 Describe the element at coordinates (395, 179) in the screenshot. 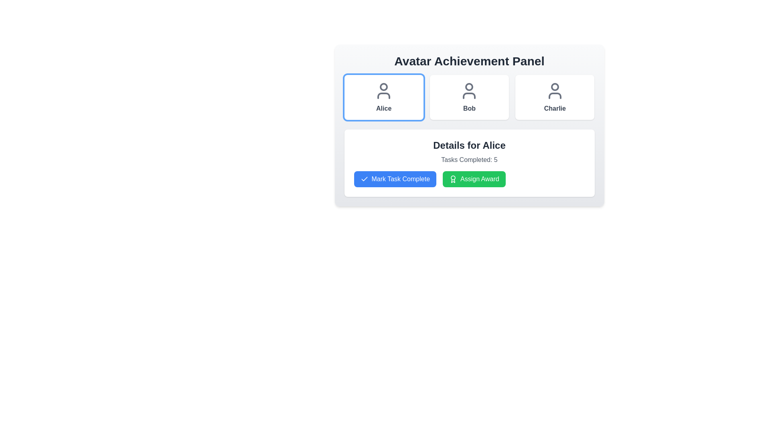

I see `the button used to mark a task as complete in the 'Avatar Achievement Panel' under 'Details for Alice'` at that location.